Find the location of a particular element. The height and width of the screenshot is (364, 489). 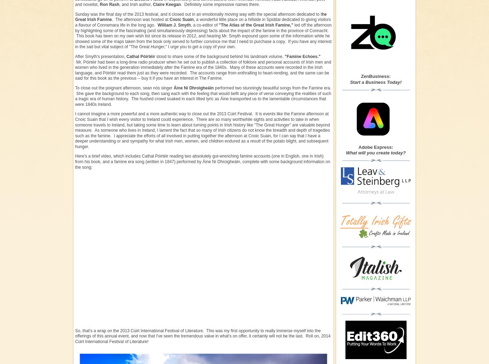

'led off the afternoon by highlighting some of the fascinating (and simultaneously depressing) facts about the impact of the famine in the province of Connacht.  This book has been on my own wish list since its release in 2012, and hearing Mr. Smyth expound upon some of the information while he showed some of the maps taken from the book only served to further convince me that I need to purchase a copy.  If you have any interest in the sad but vital subject of "The Great Hunger," I urge you to get a copy of your own.' is located at coordinates (203, 36).